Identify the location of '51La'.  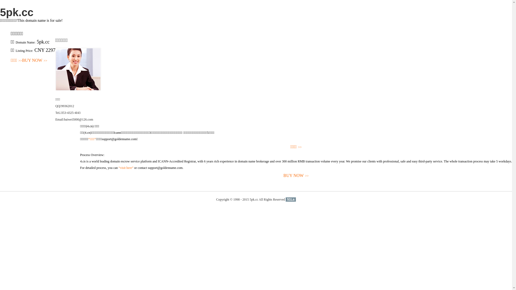
(290, 200).